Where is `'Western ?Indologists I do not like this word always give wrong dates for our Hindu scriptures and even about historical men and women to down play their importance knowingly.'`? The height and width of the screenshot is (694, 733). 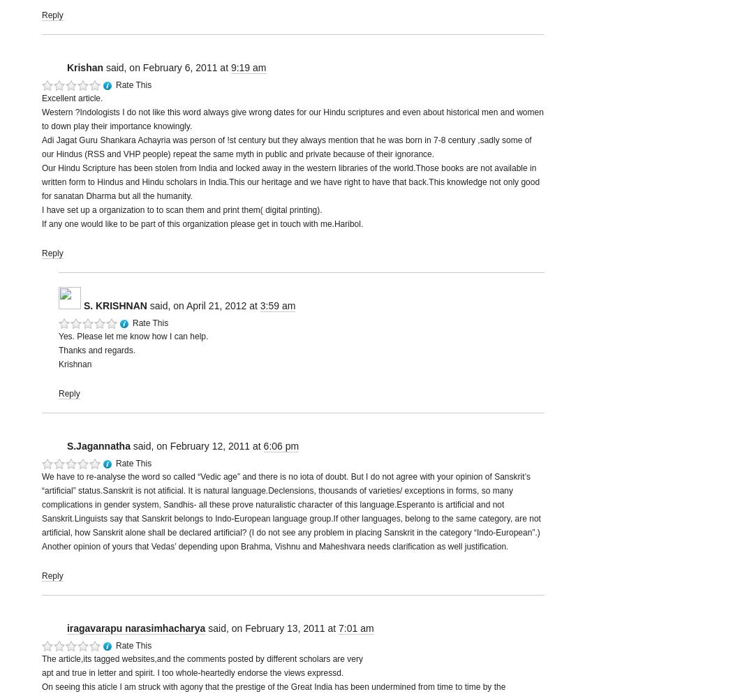
'Western ?Indologists I do not like this word always give wrong dates for our Hindu scriptures and even about historical men and women to down play their importance knowingly.' is located at coordinates (291, 119).